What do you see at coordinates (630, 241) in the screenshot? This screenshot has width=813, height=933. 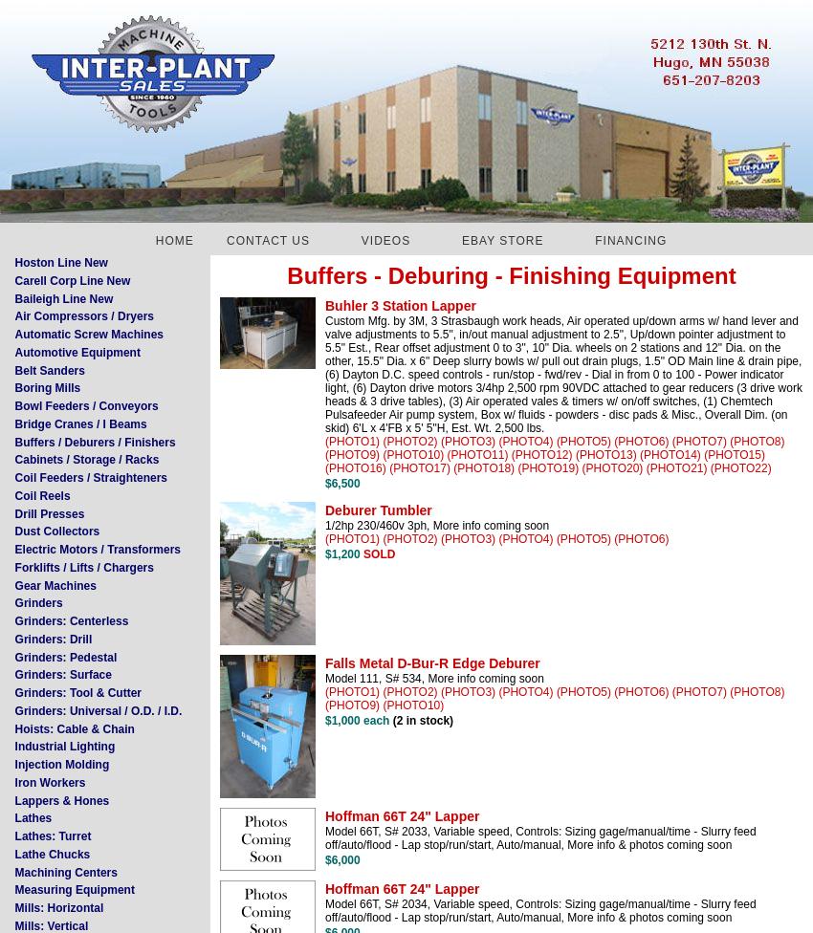 I see `'FINANCING'` at bounding box center [630, 241].